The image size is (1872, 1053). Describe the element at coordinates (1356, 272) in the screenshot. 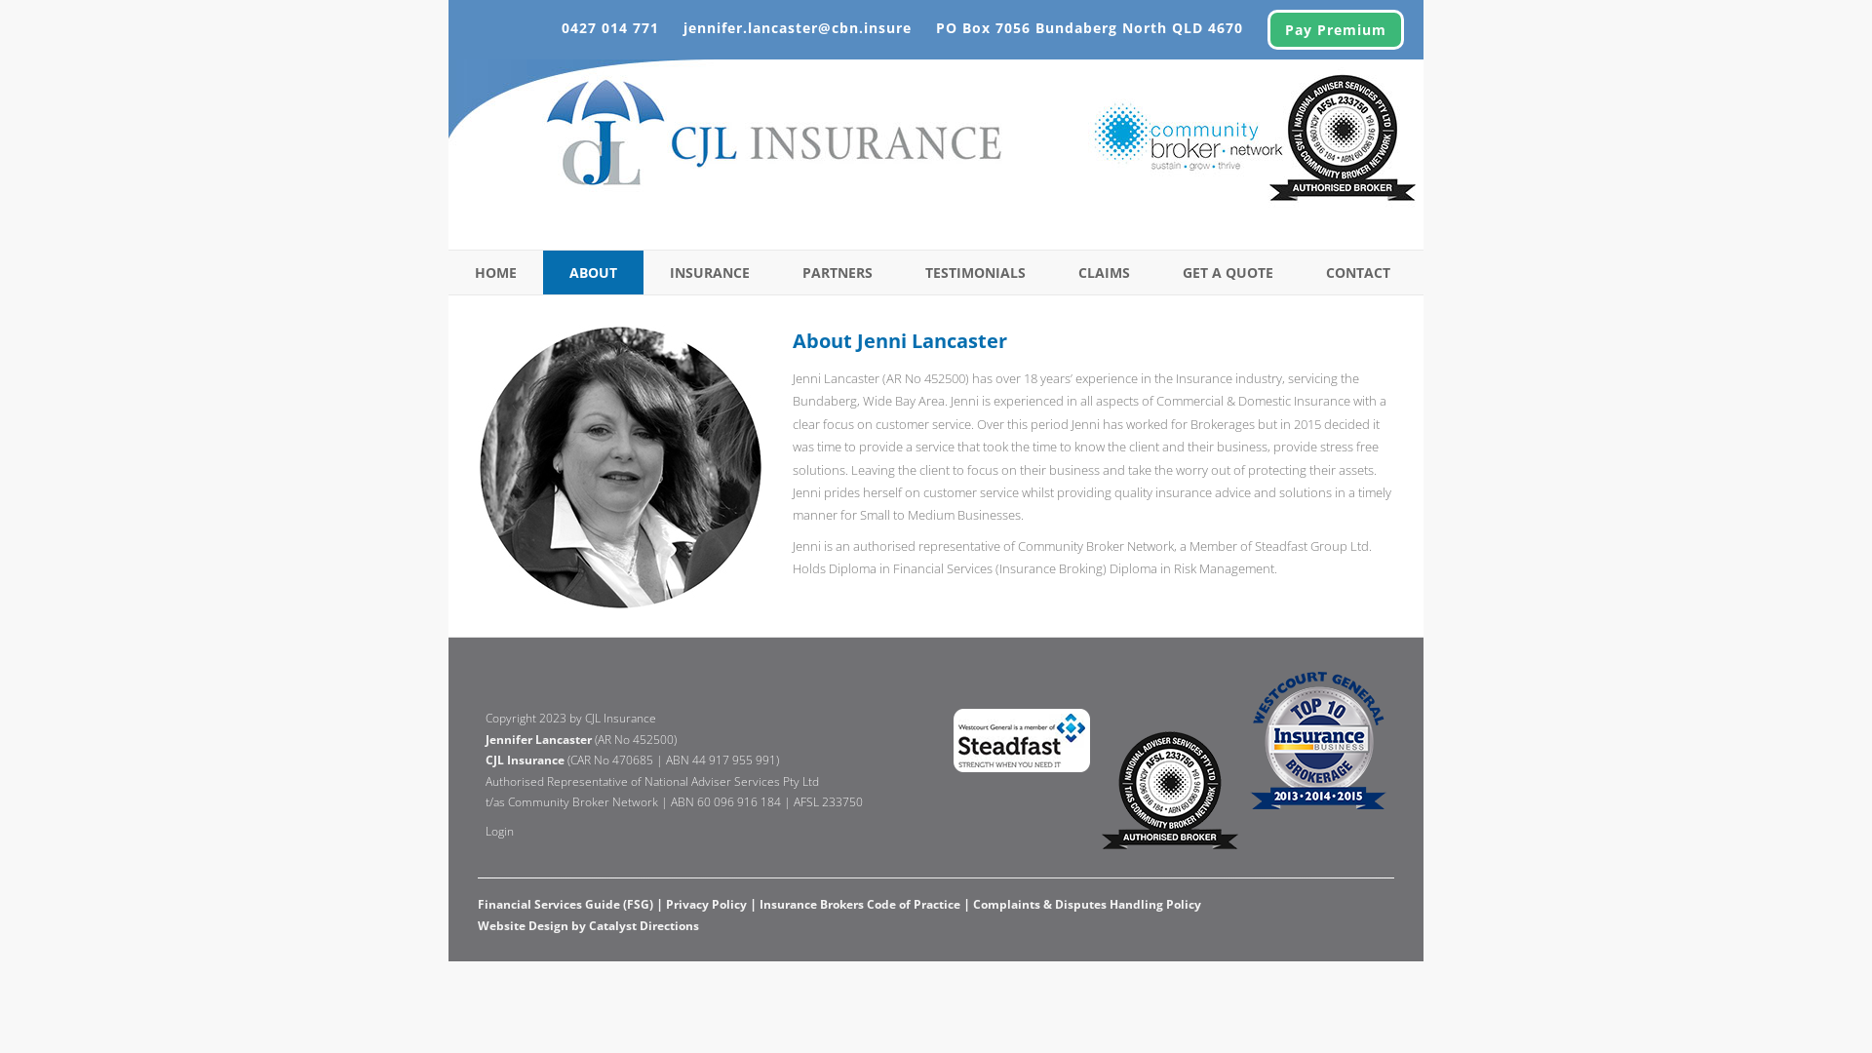

I see `'CONTACT'` at that location.